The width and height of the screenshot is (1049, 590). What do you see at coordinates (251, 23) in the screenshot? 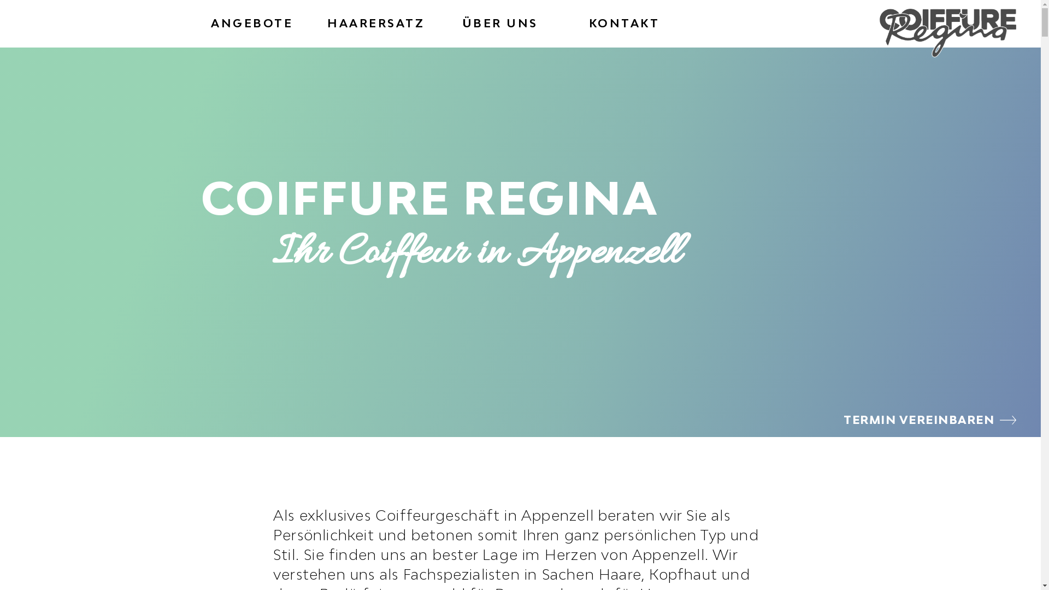
I see `'ANGEBOTE'` at bounding box center [251, 23].